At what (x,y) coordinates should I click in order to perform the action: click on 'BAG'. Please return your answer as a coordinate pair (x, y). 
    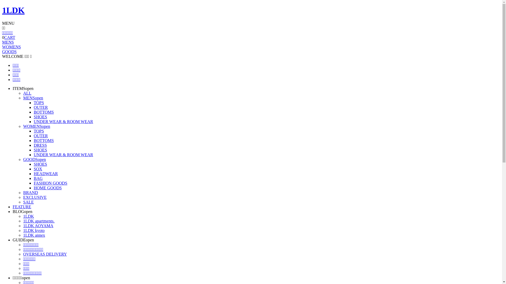
    Looking at the image, I should click on (38, 178).